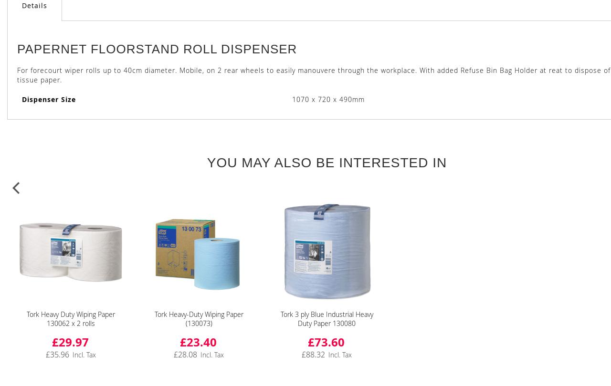  I want to click on 'Tork 3 ply Blue Industrial Heavy Duty Paper 130080', so click(327, 318).